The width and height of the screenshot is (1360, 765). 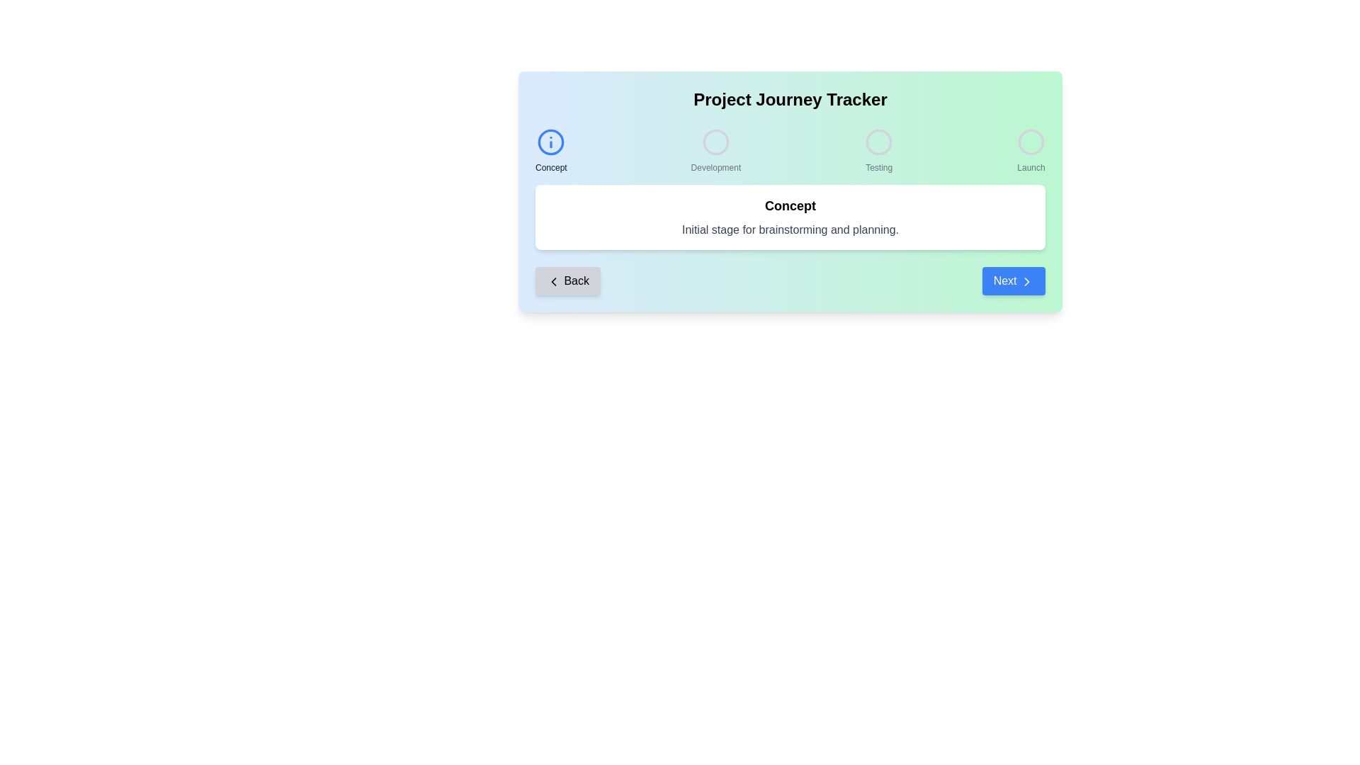 What do you see at coordinates (553, 281) in the screenshot?
I see `the left-pointing chevron arrow icon within the 'Back' button, which is styled with a stroke width of 2 and is located below the 'Project Journey Tracker' panel` at bounding box center [553, 281].